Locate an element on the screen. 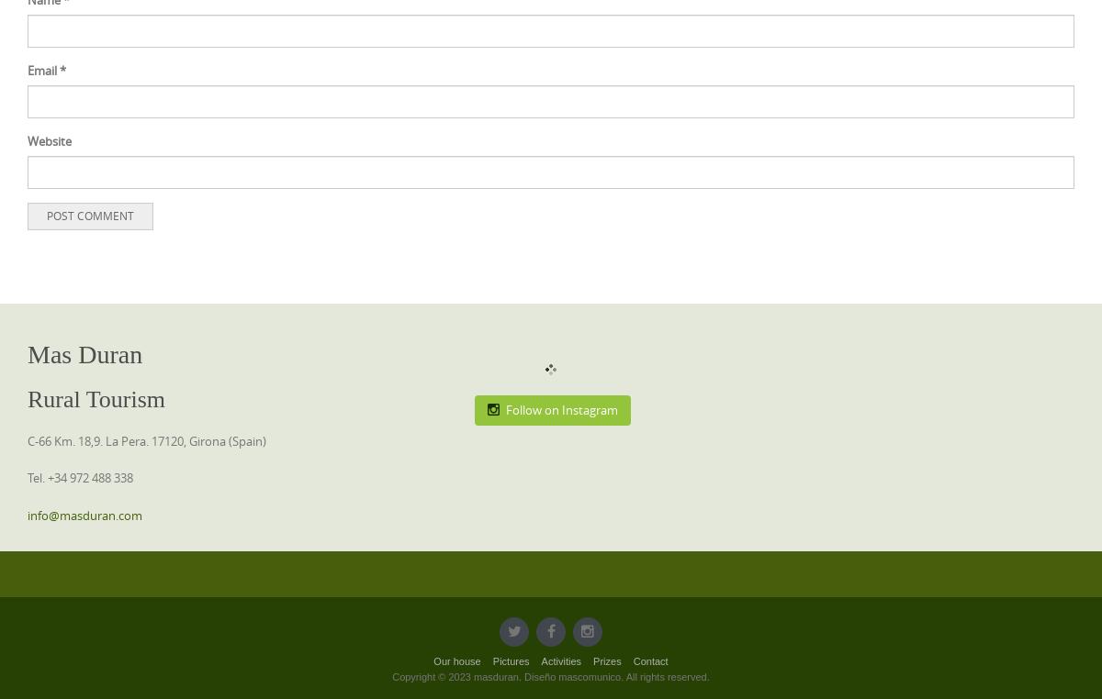  'Prizes' is located at coordinates (606, 660).